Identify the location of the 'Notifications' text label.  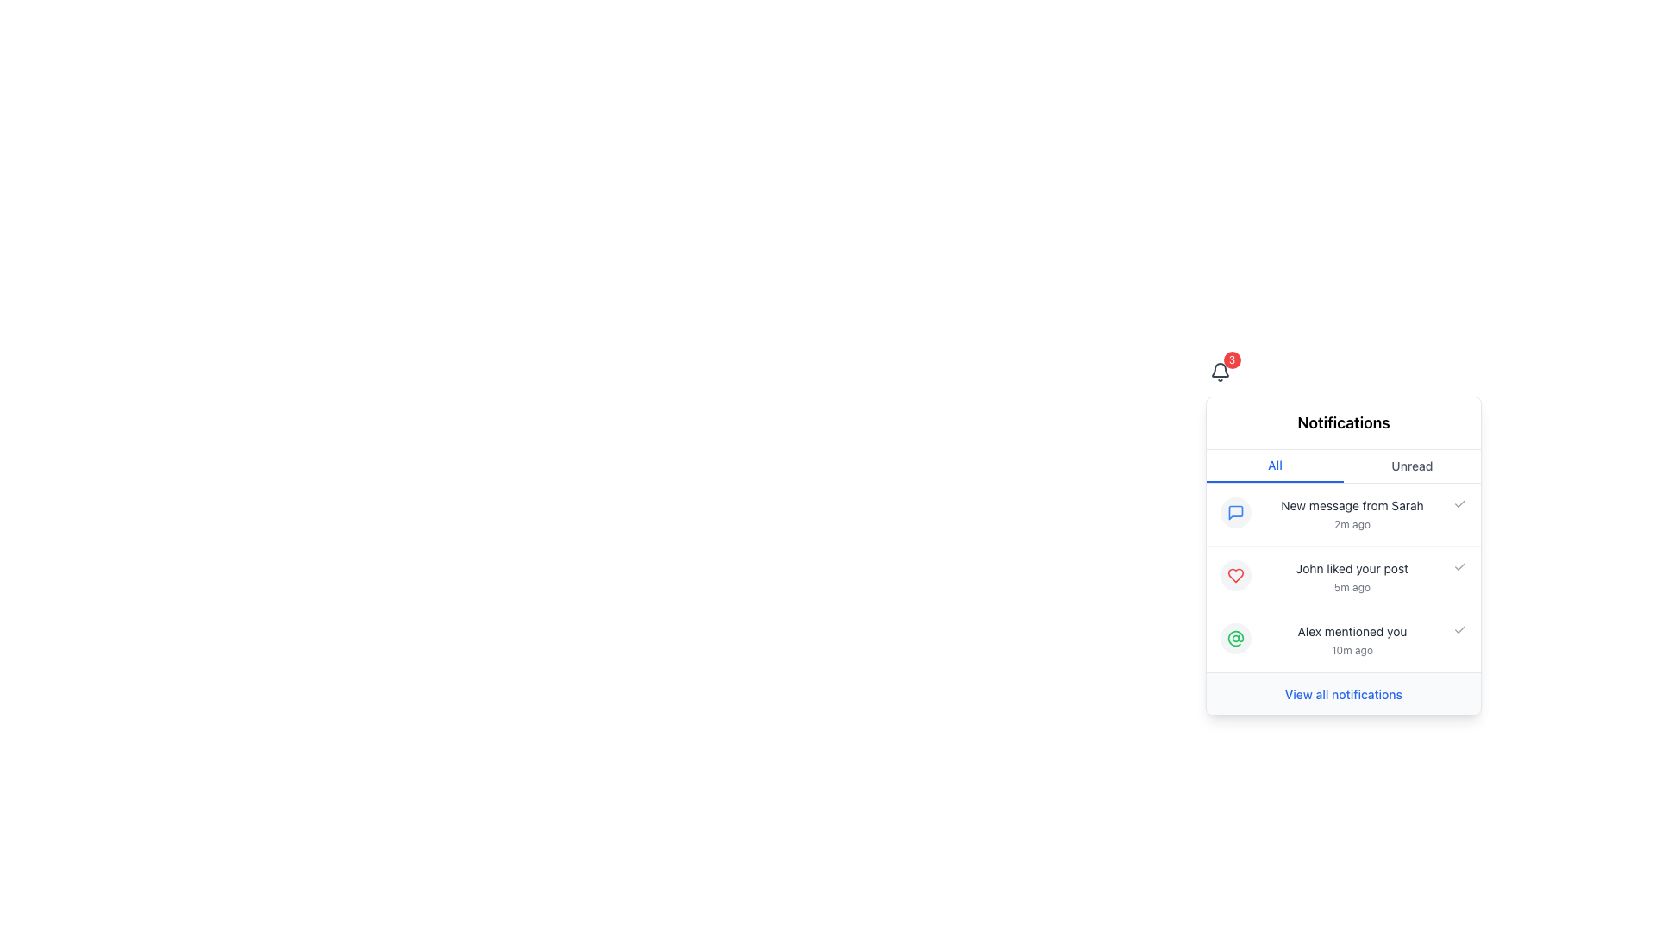
(1343, 422).